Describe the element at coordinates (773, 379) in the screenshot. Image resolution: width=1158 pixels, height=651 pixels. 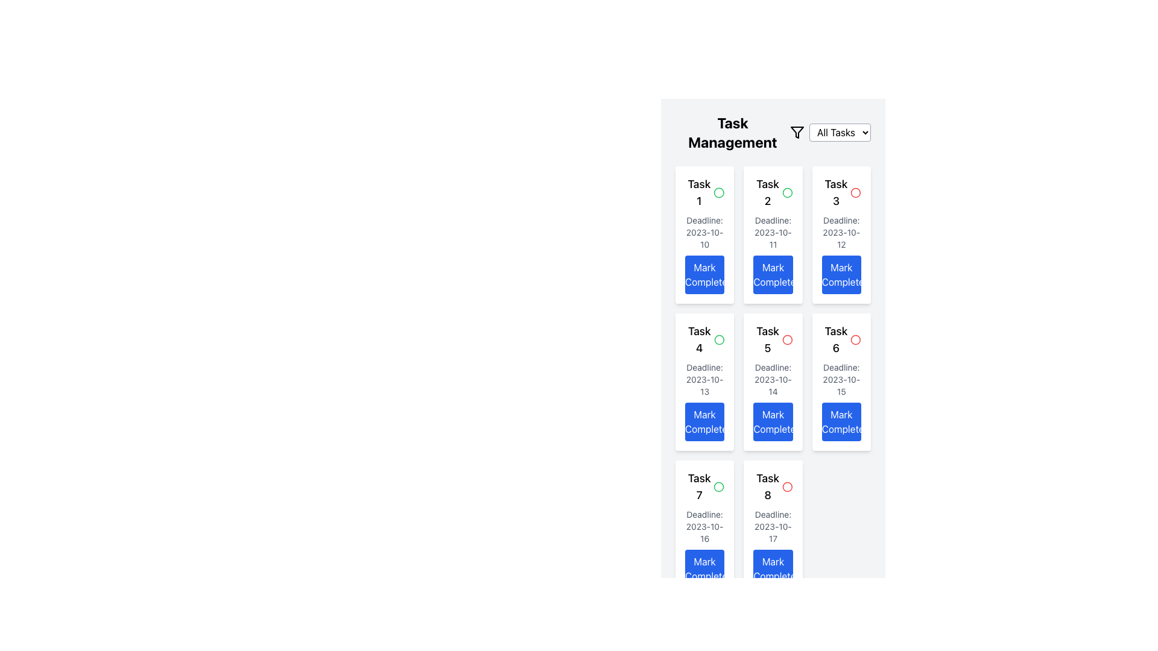
I see `the text label that communicates the deadline of the task in the 'Task 5' card, located between the task title and the 'Mark Completed' button` at that location.